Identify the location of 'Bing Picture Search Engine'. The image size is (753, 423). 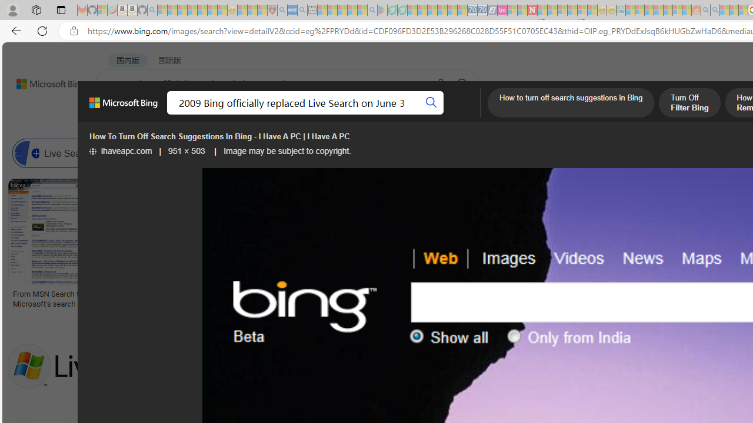
(232, 153).